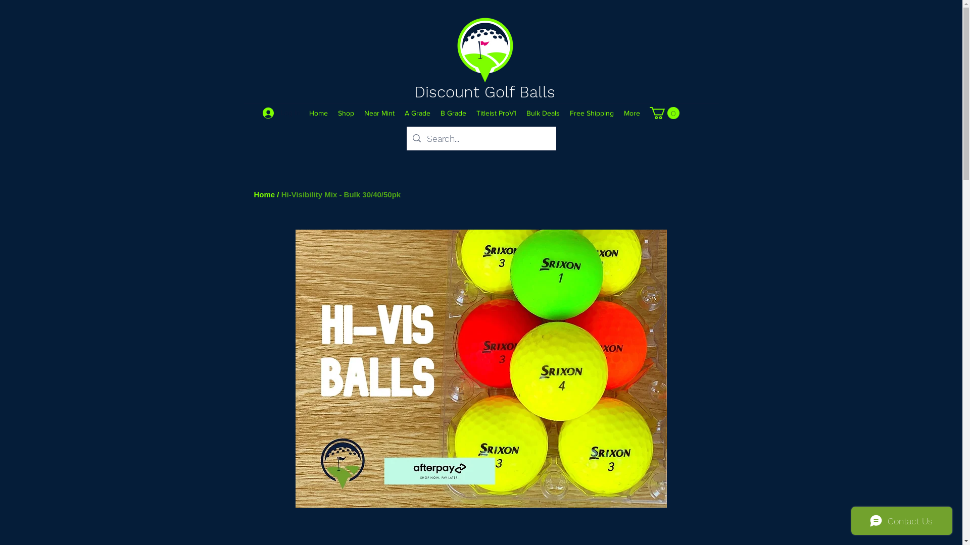 Image resolution: width=970 pixels, height=545 pixels. I want to click on 'Free Shipping', so click(592, 113).